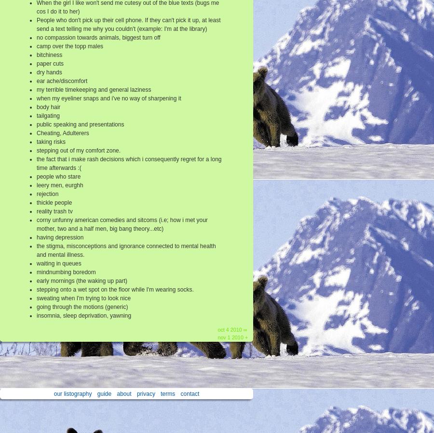  I want to click on 'camp over the topp males', so click(69, 45).